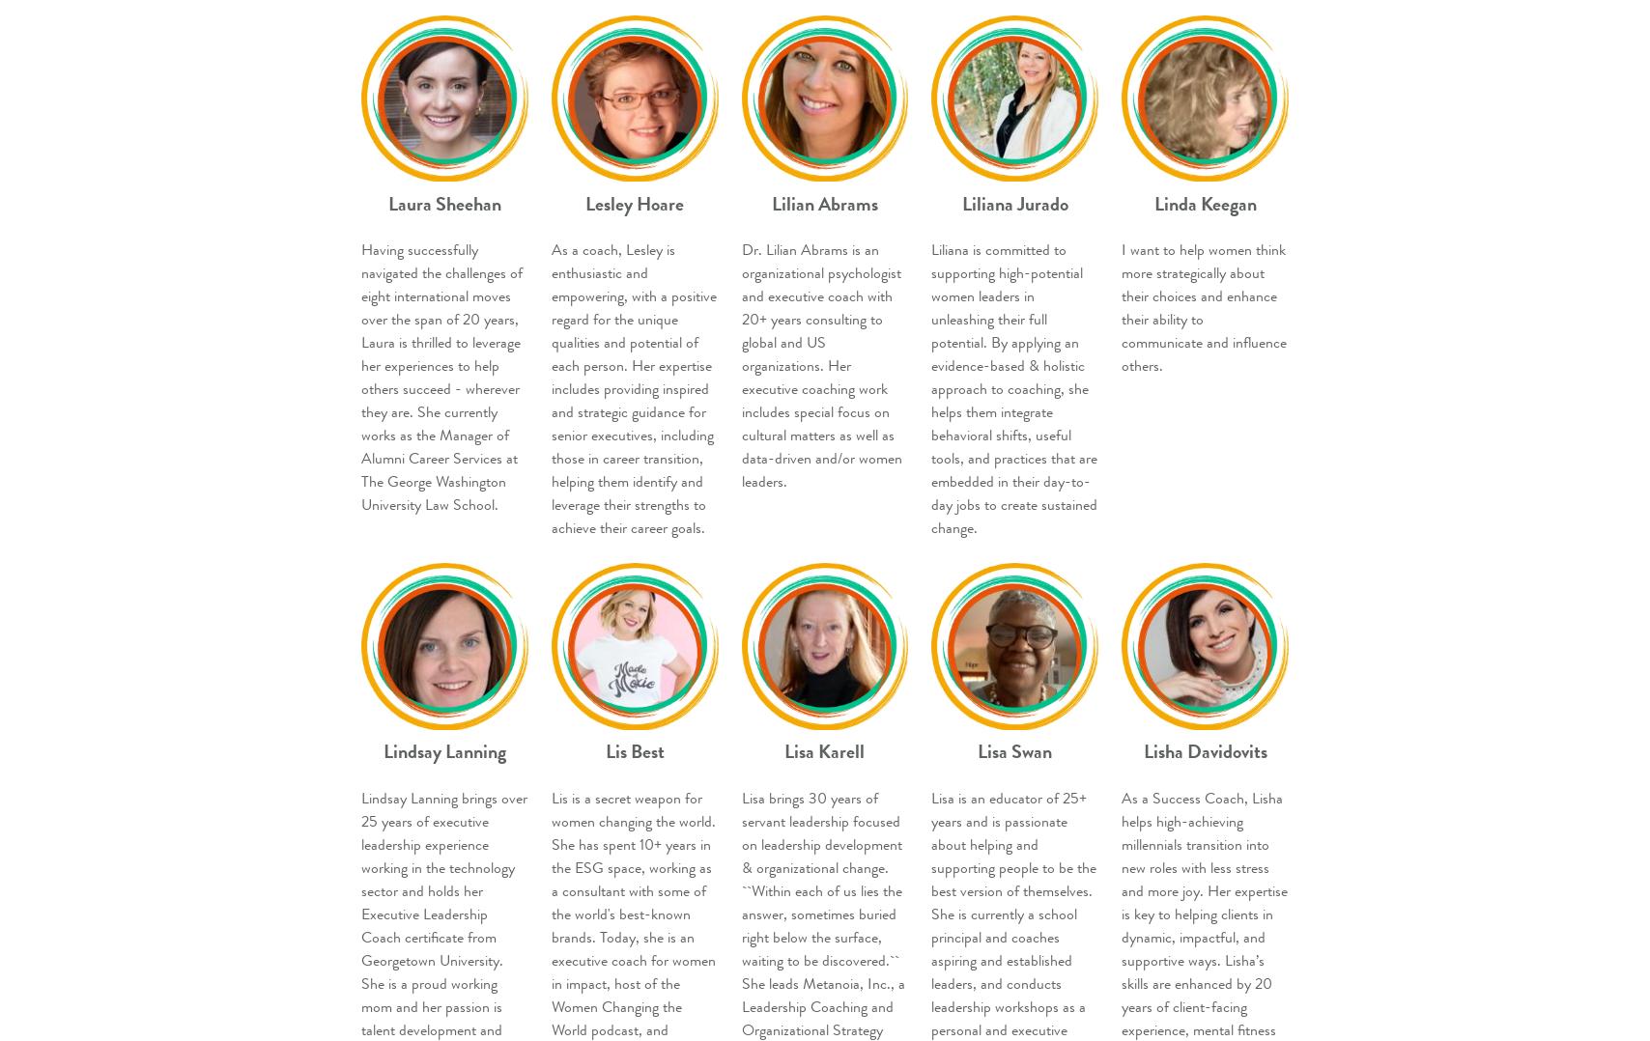 This screenshot has width=1650, height=1041. Describe the element at coordinates (1205, 203) in the screenshot. I see `'Linda Keegan'` at that location.